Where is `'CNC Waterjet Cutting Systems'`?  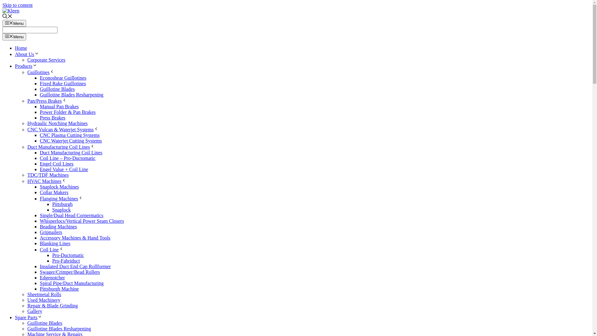 'CNC Waterjet Cutting Systems' is located at coordinates (71, 141).